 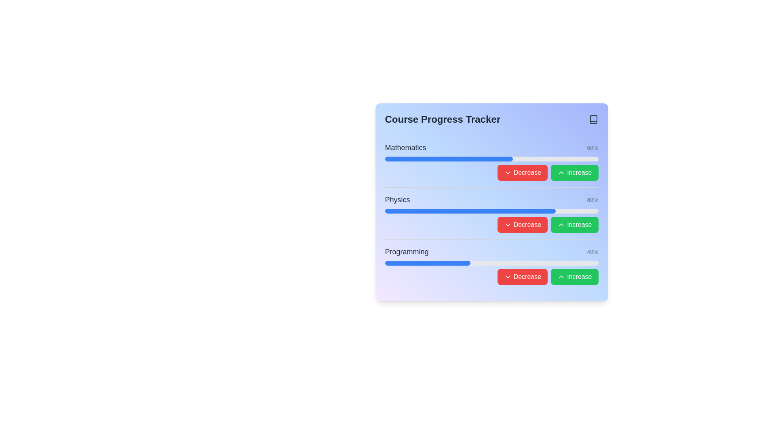 I want to click on the 'Programming' progress bar, so click(x=491, y=265).